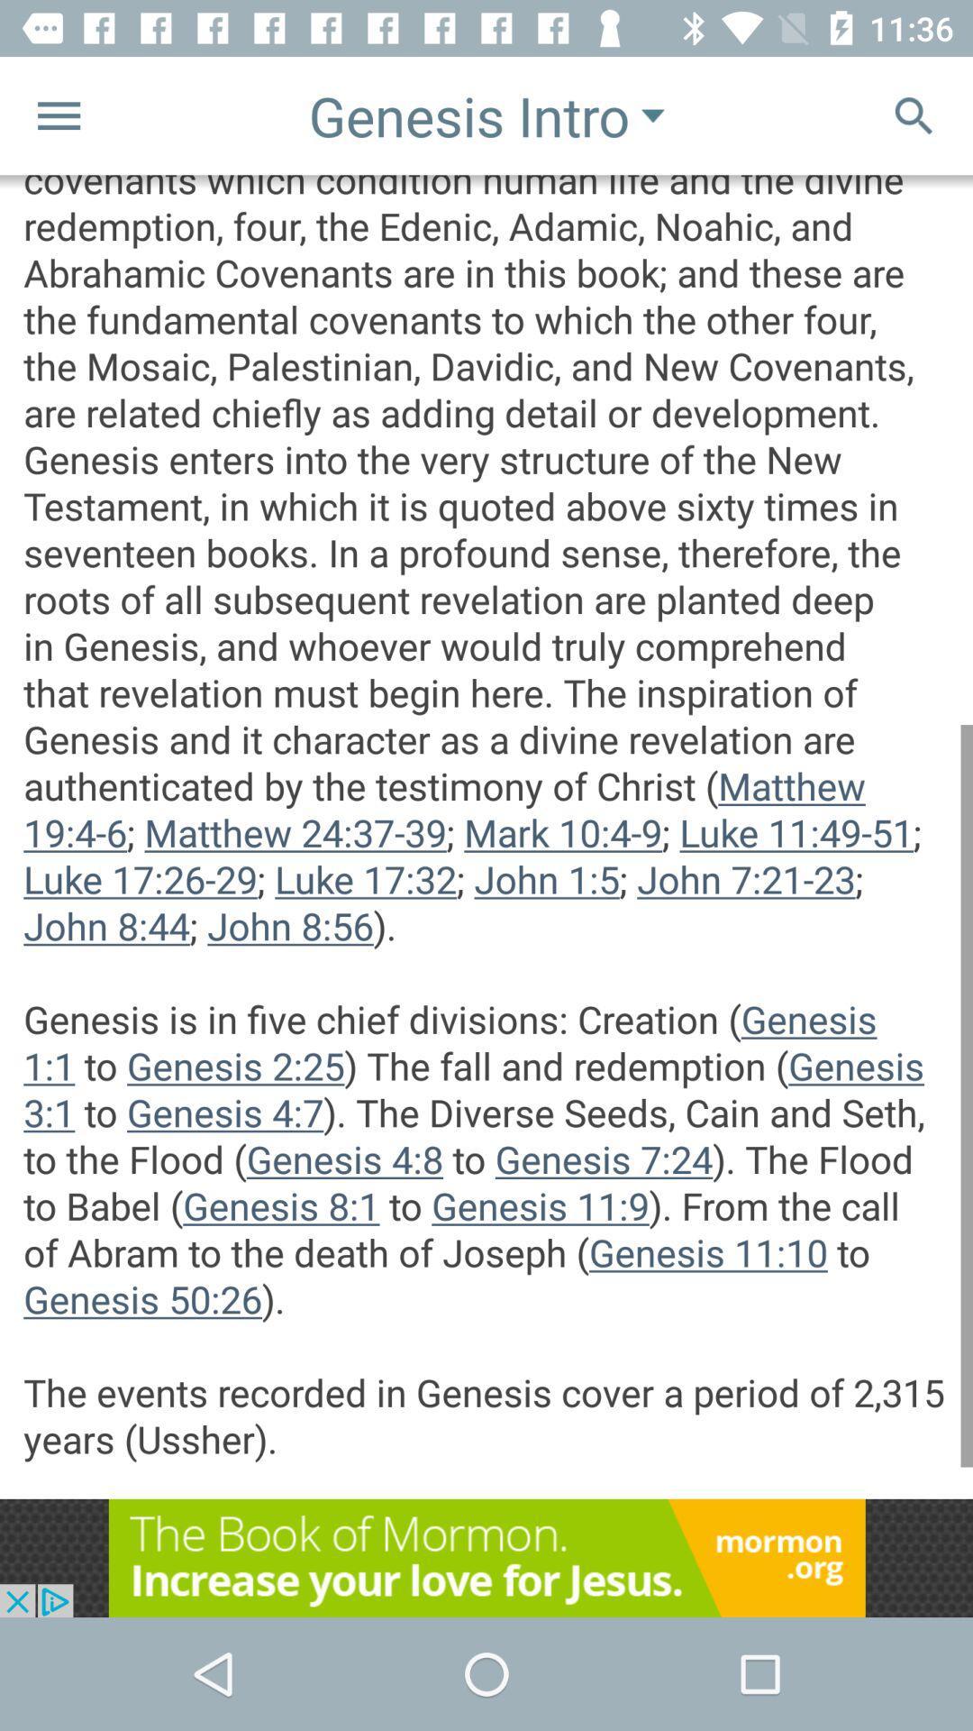  I want to click on options, so click(58, 114).